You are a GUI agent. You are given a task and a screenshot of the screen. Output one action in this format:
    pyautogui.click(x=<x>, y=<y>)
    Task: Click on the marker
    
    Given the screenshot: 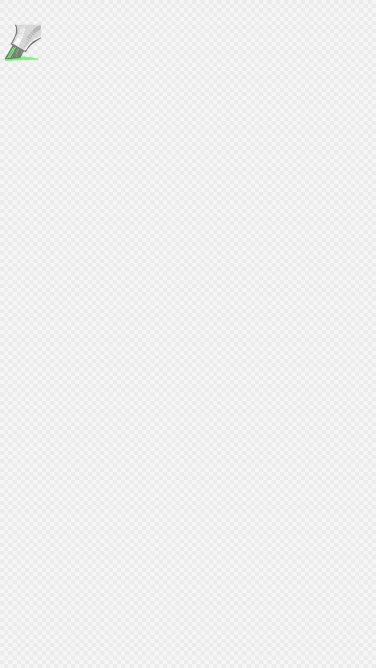 What is the action you would take?
    pyautogui.click(x=21, y=43)
    